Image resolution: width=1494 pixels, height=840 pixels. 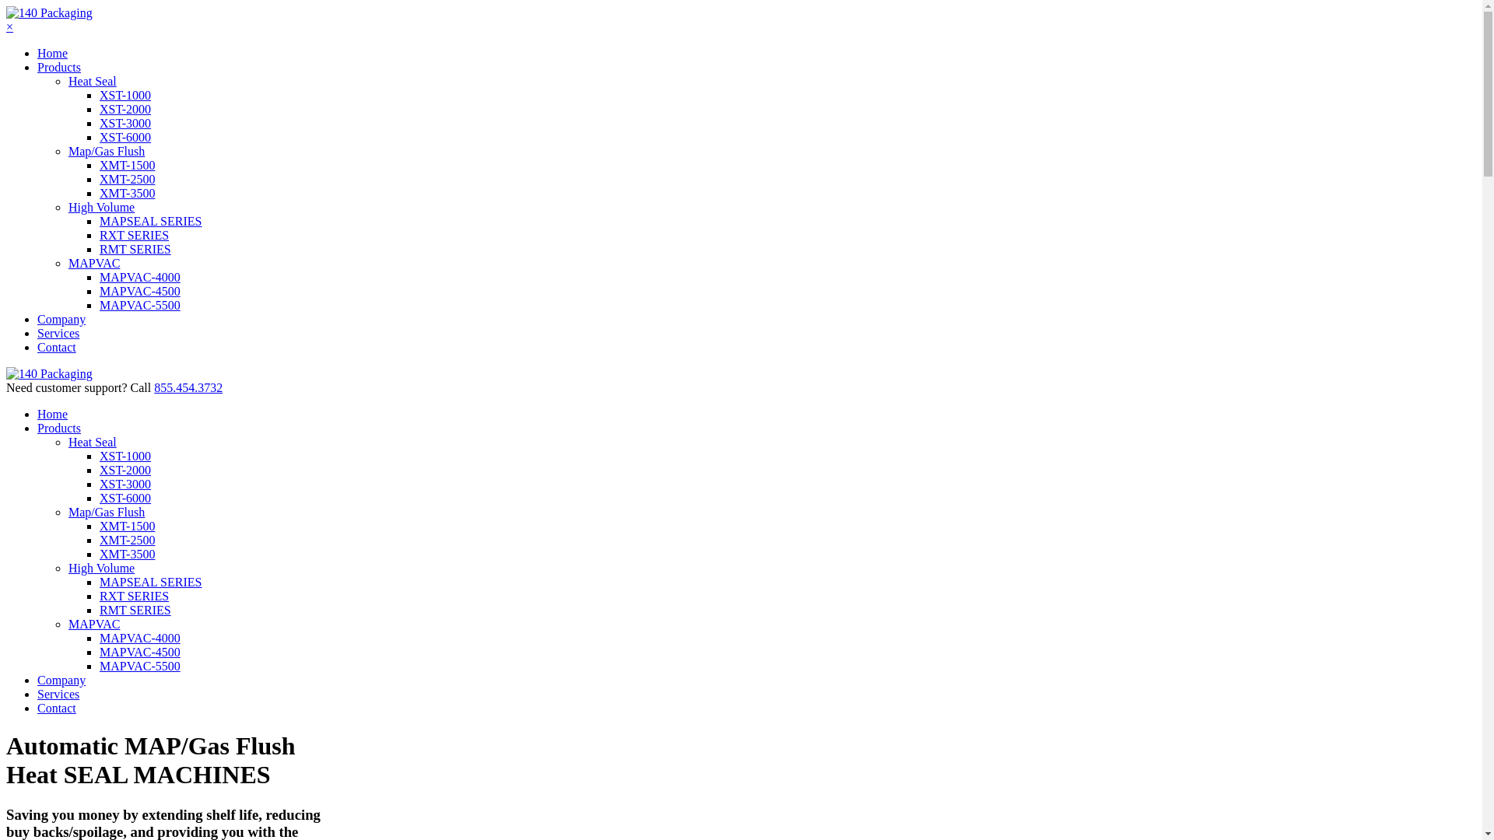 What do you see at coordinates (61, 679) in the screenshot?
I see `'Company'` at bounding box center [61, 679].